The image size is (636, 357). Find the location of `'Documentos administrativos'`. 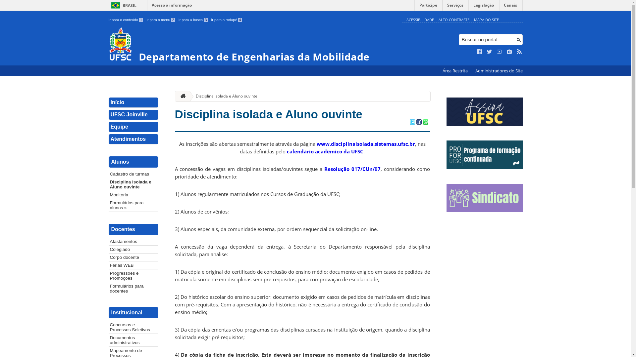

'Documentos administrativos' is located at coordinates (133, 340).